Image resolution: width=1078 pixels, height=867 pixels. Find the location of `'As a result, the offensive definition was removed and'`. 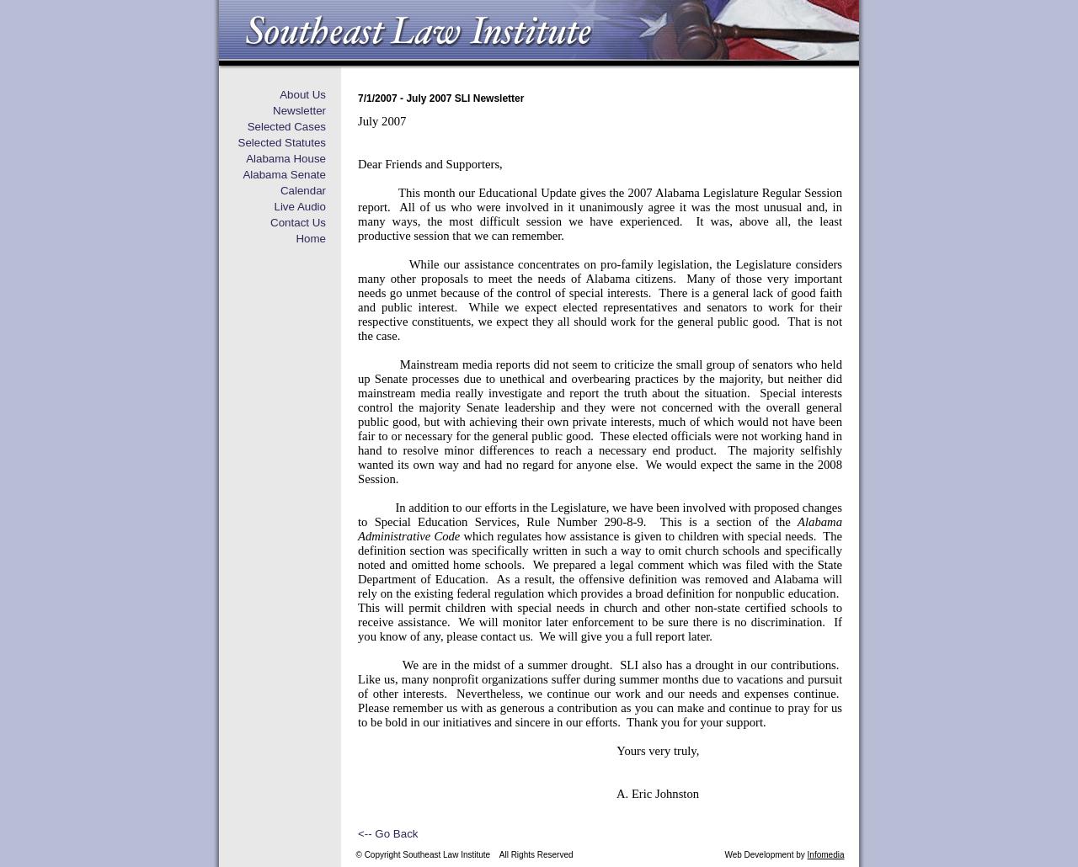

'As a result, the offensive definition was removed and' is located at coordinates (634, 579).